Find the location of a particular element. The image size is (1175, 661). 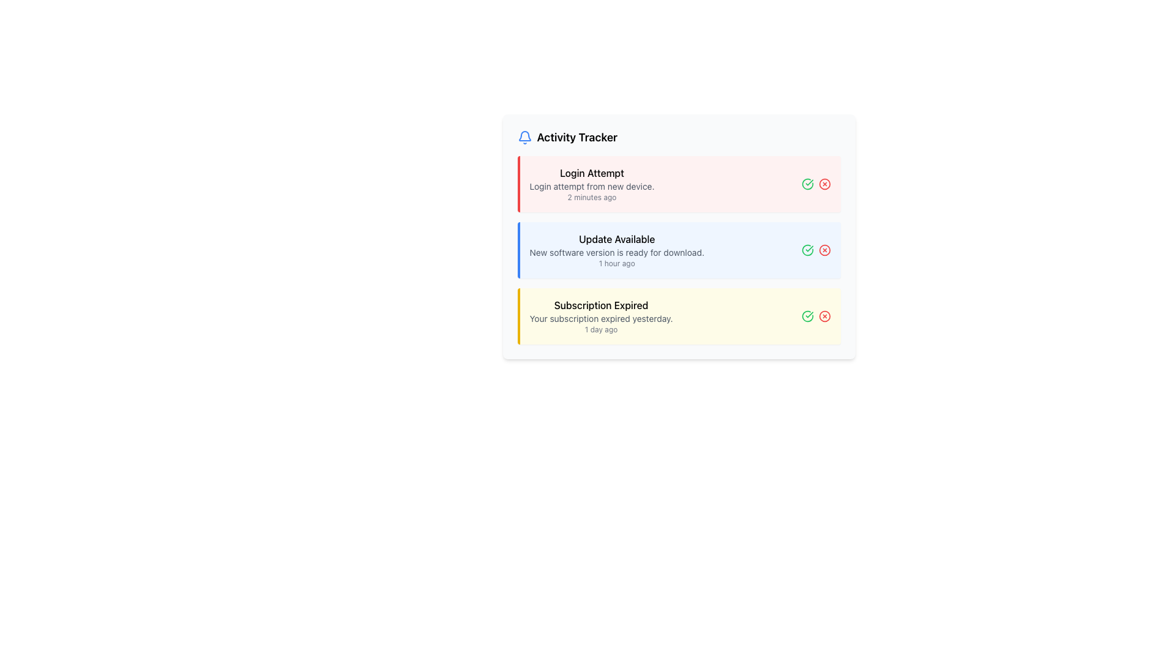

the blue bell icon that serves as a notification symbol is located at coordinates (524, 137).